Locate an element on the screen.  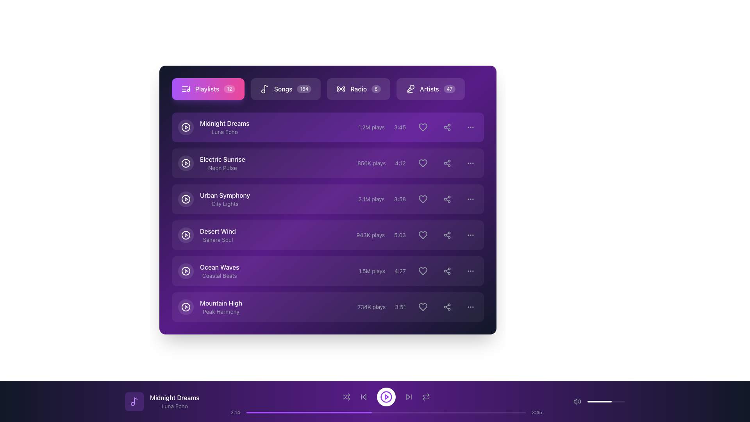
the progress indicator that visually indicates the current progress or completion level of the media playback, located in the bottom section of the music player's full-width progress bar is located at coordinates (309, 412).